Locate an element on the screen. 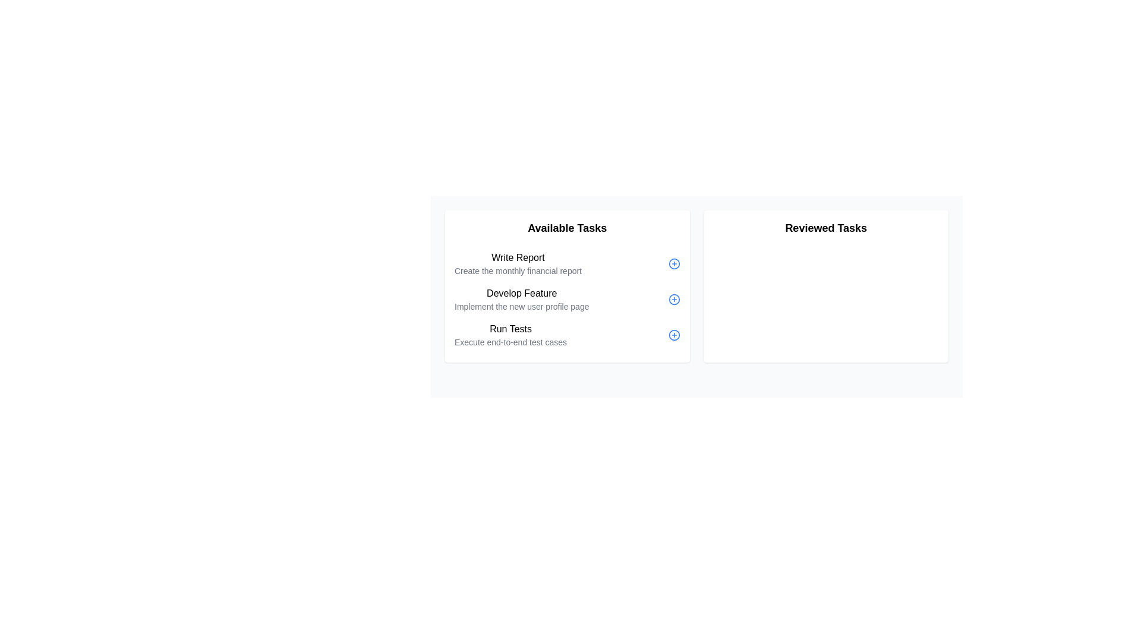  the text part of the Task item labeled 'Develop Feature' is located at coordinates (566, 299).